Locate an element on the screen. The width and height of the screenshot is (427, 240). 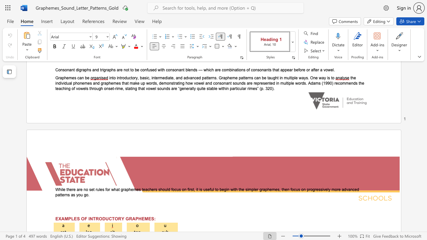
the subset text "cus on first, it is useful to begin with the simpler graphemes, then focus on progressively more advanced patterns a" within the text "While there are no set rules for what graphemes teachers should focus on first, it is useful to begin with the simpler graphemes, then focus on progressively more advanced patterns as you go" is located at coordinates (174, 190).